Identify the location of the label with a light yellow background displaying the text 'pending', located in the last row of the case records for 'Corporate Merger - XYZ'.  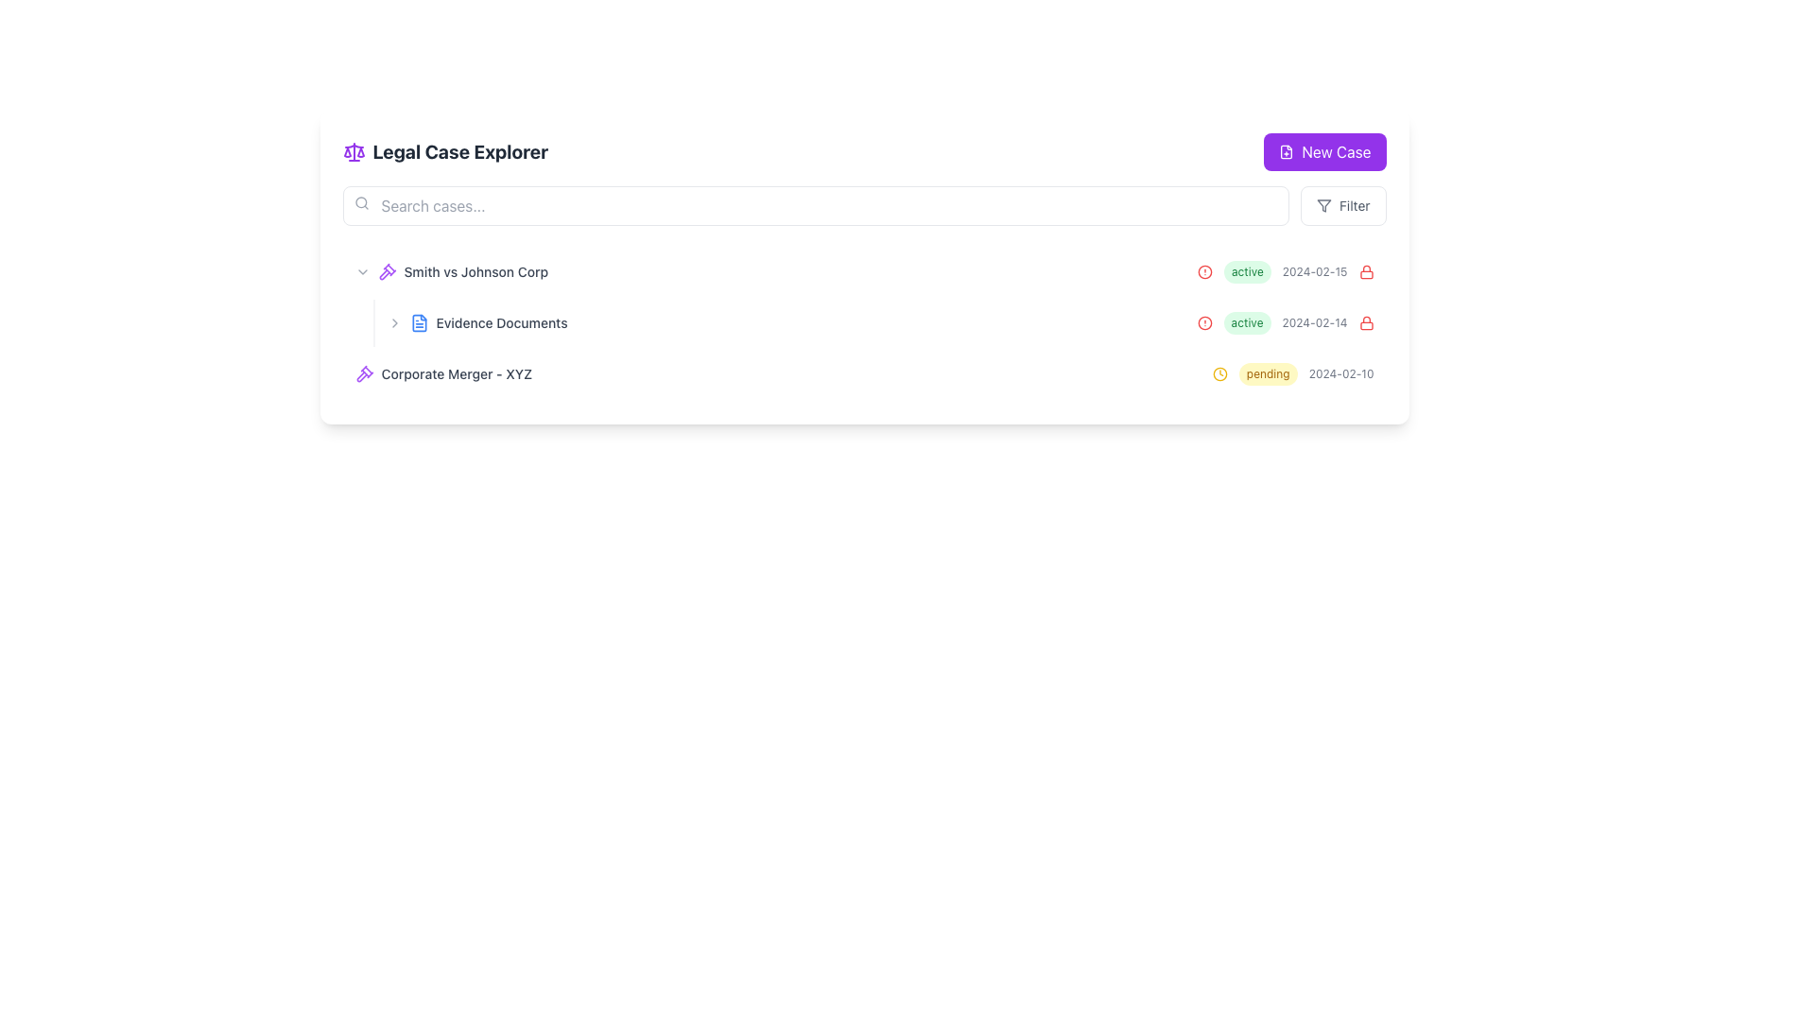
(1268, 374).